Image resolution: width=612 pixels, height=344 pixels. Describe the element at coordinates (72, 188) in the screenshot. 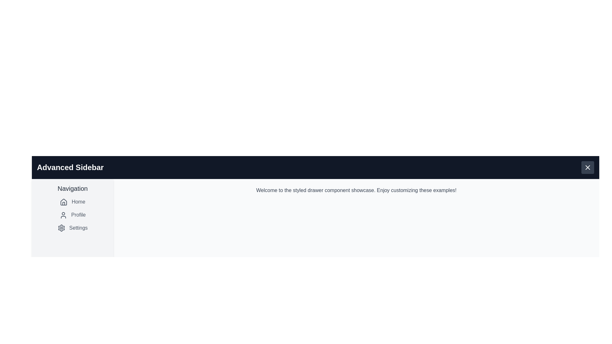

I see `the Text Label at the top of the sidebar, which serves as the heading for navigational options` at that location.